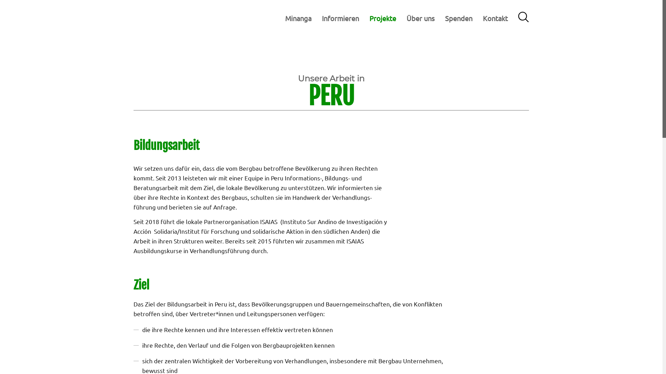  What do you see at coordinates (382, 18) in the screenshot?
I see `'Projekte'` at bounding box center [382, 18].